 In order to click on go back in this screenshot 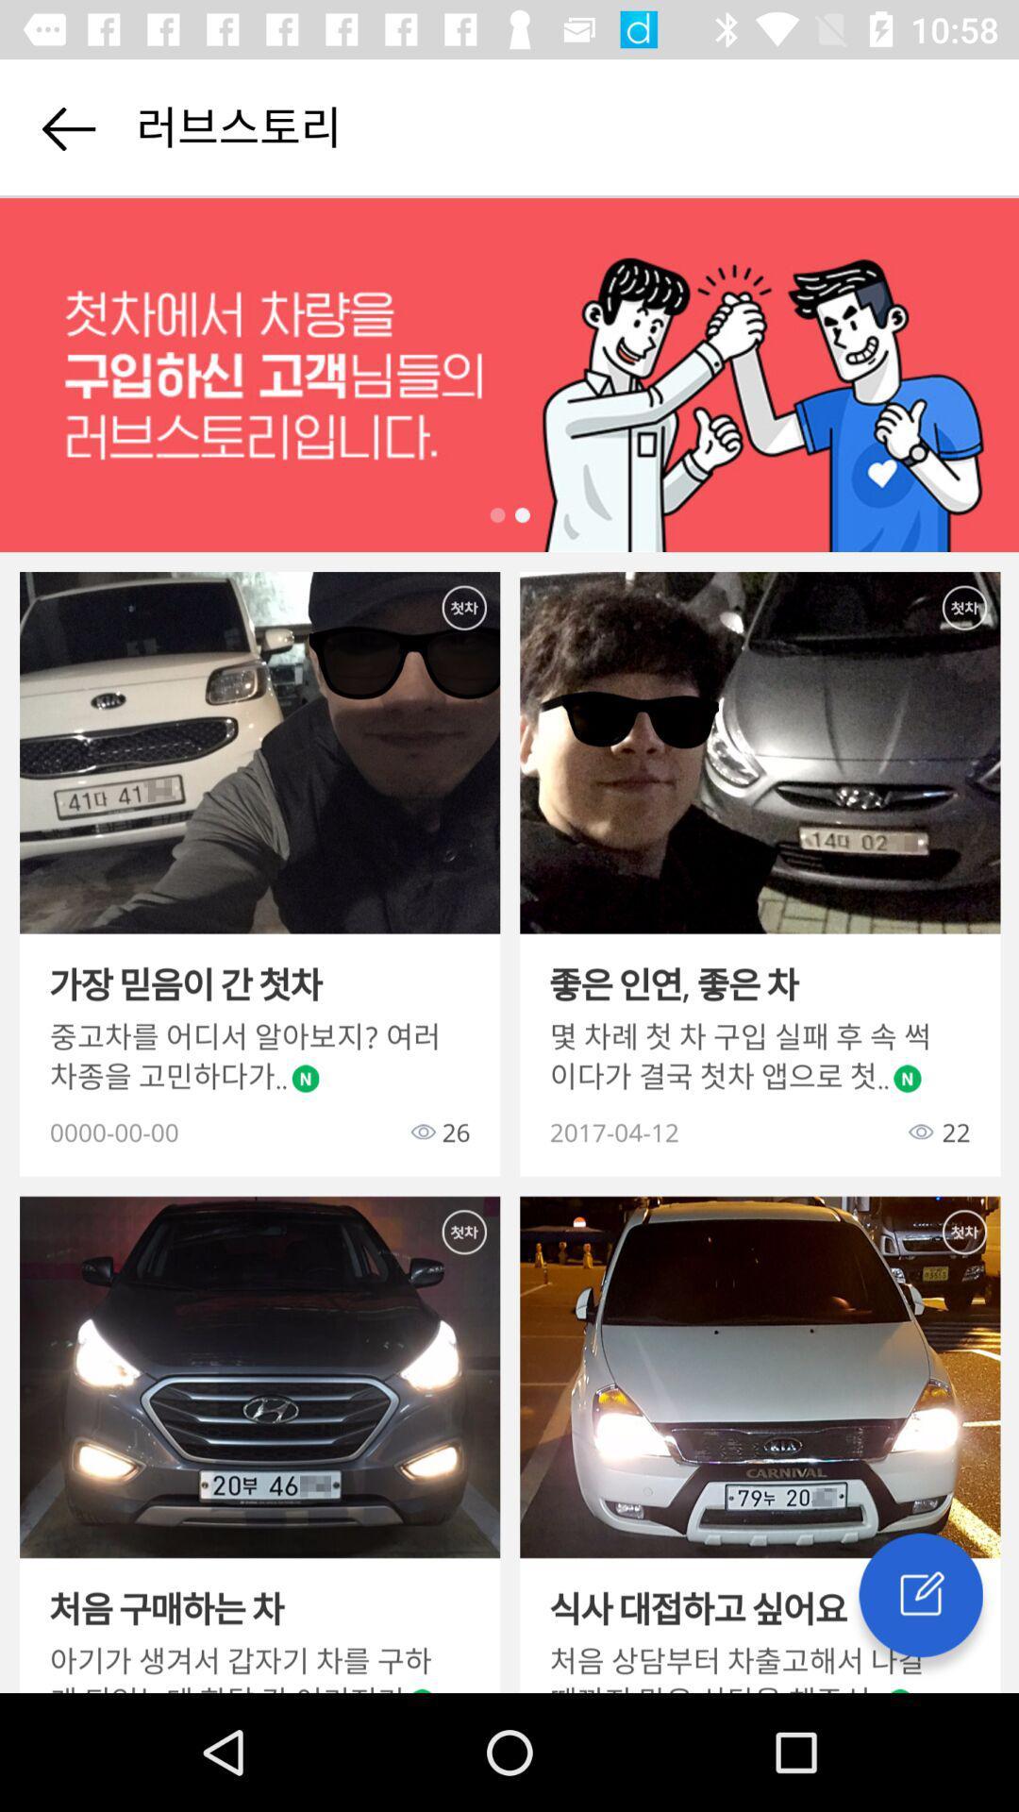, I will do `click(67, 127)`.